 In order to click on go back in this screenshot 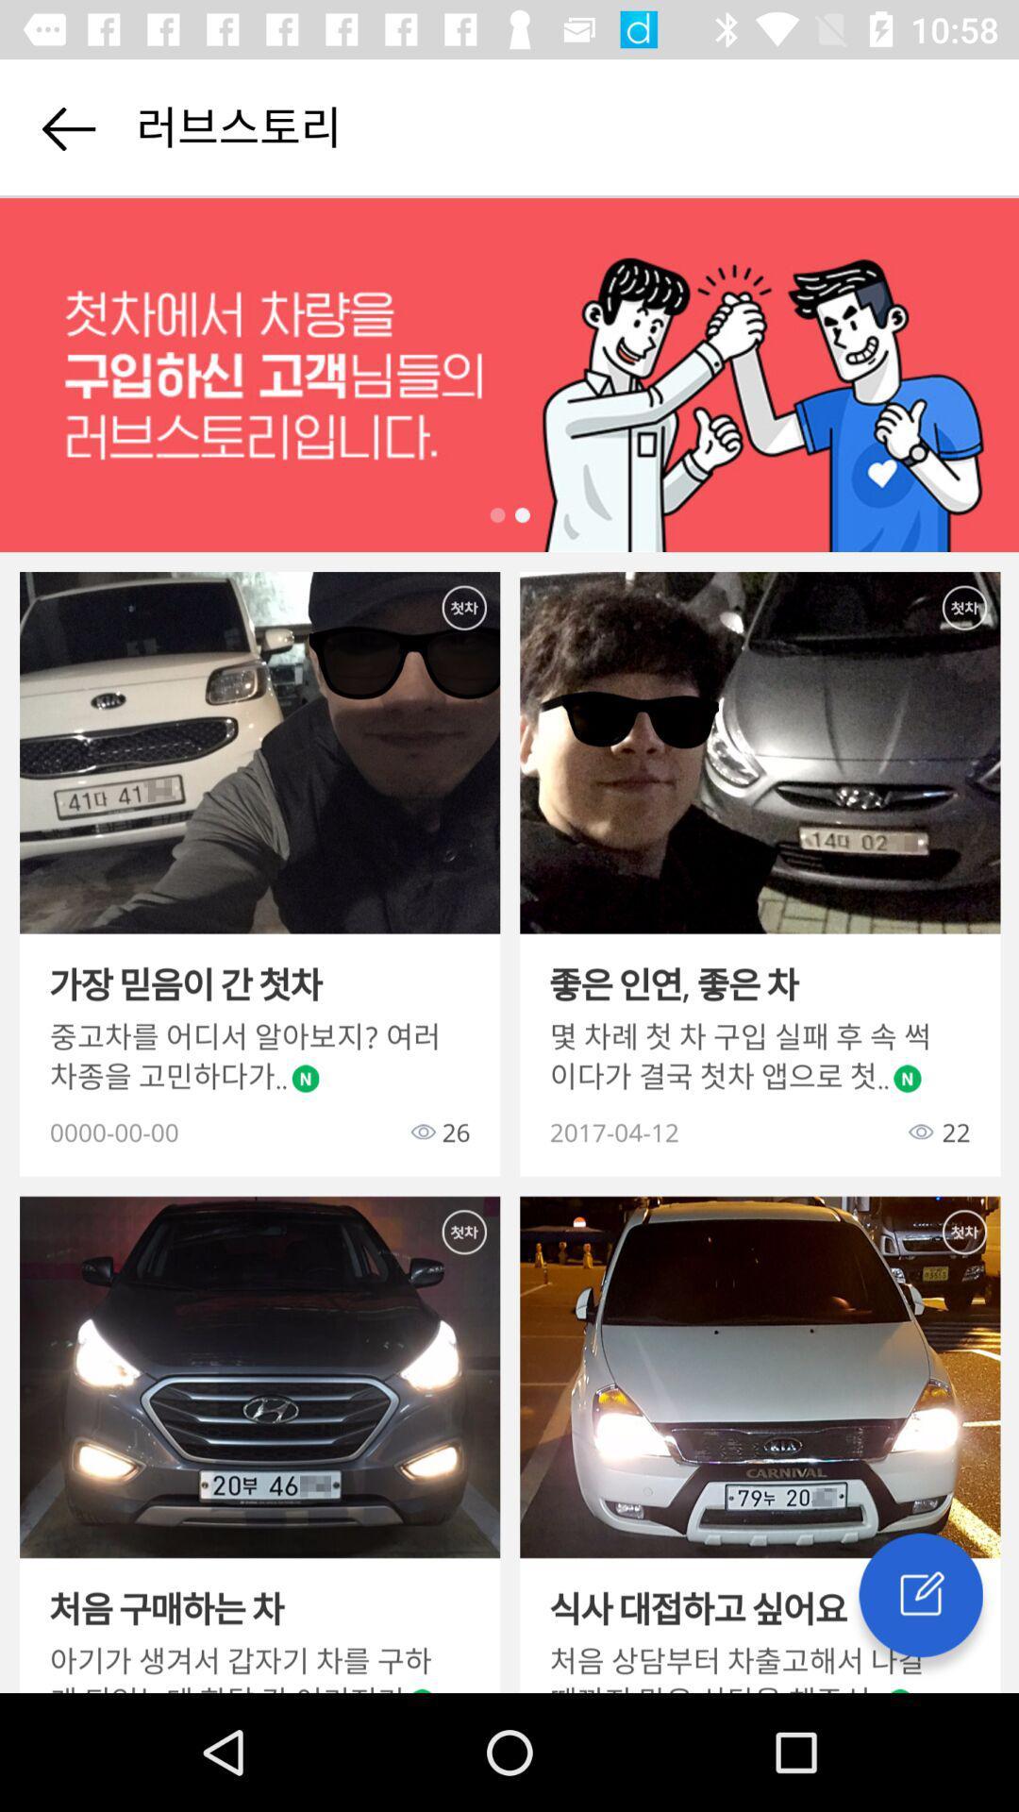, I will do `click(67, 127)`.